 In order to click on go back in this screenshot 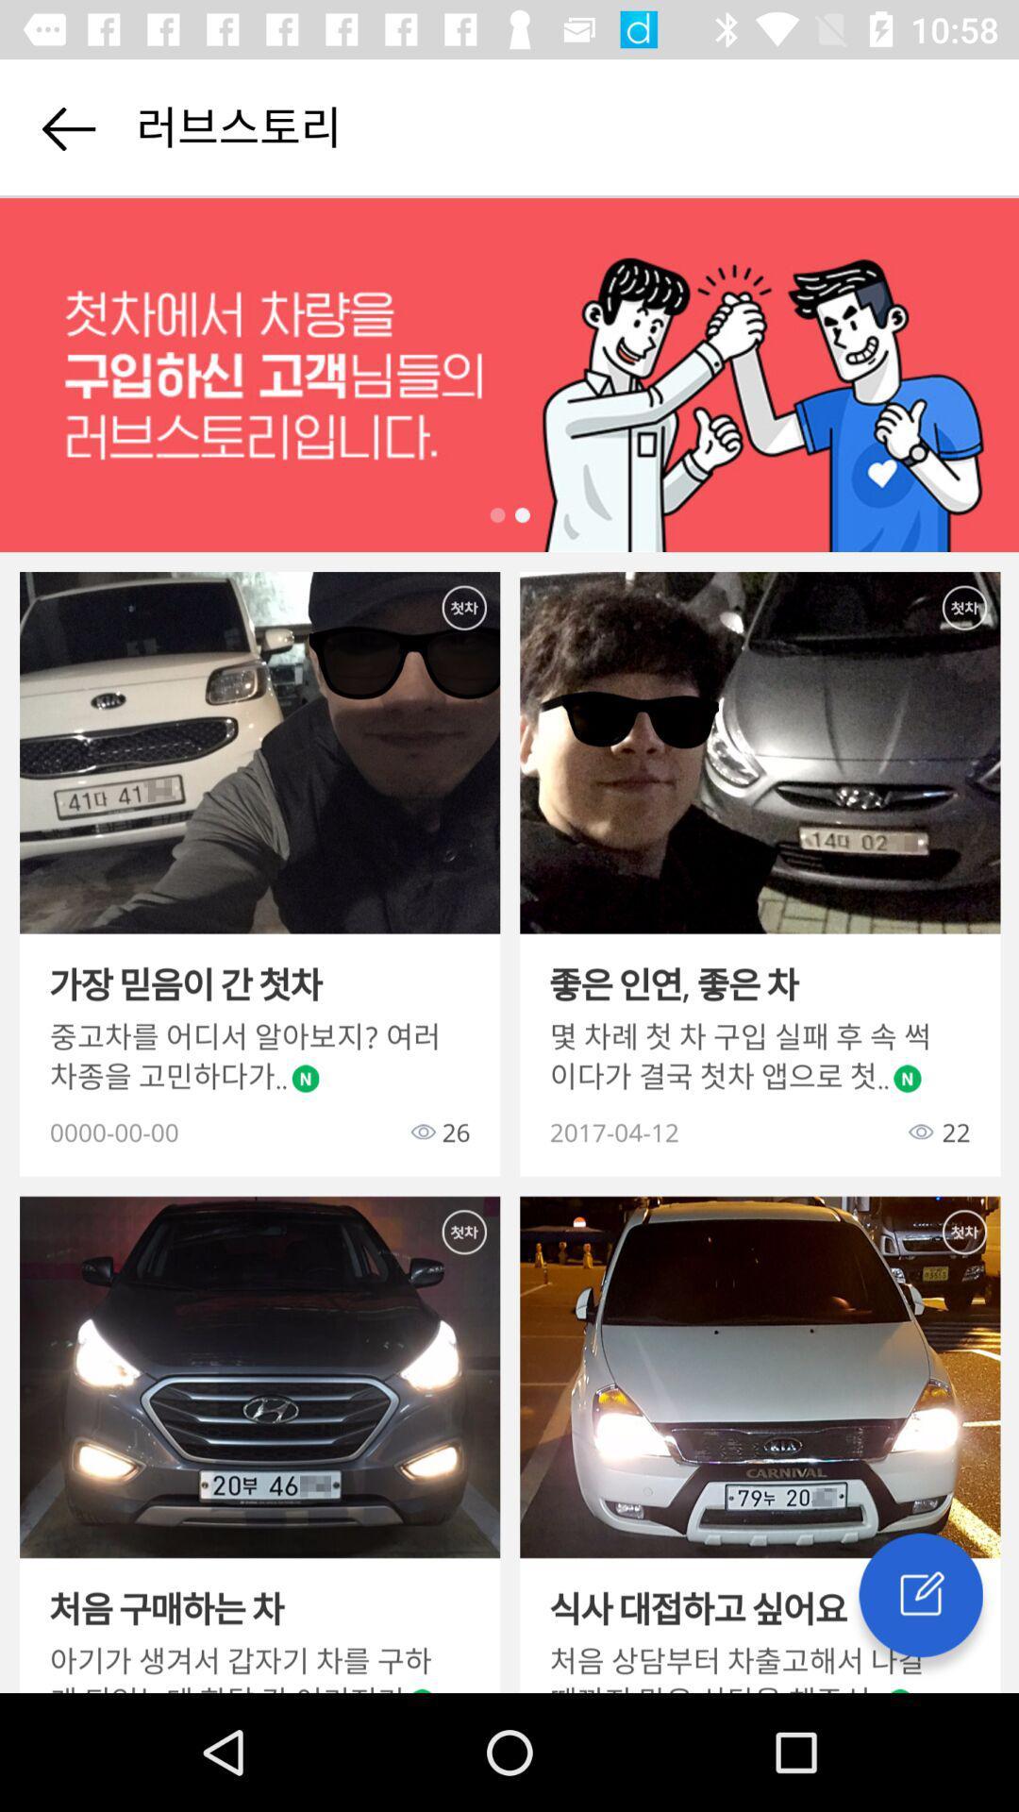, I will do `click(67, 127)`.